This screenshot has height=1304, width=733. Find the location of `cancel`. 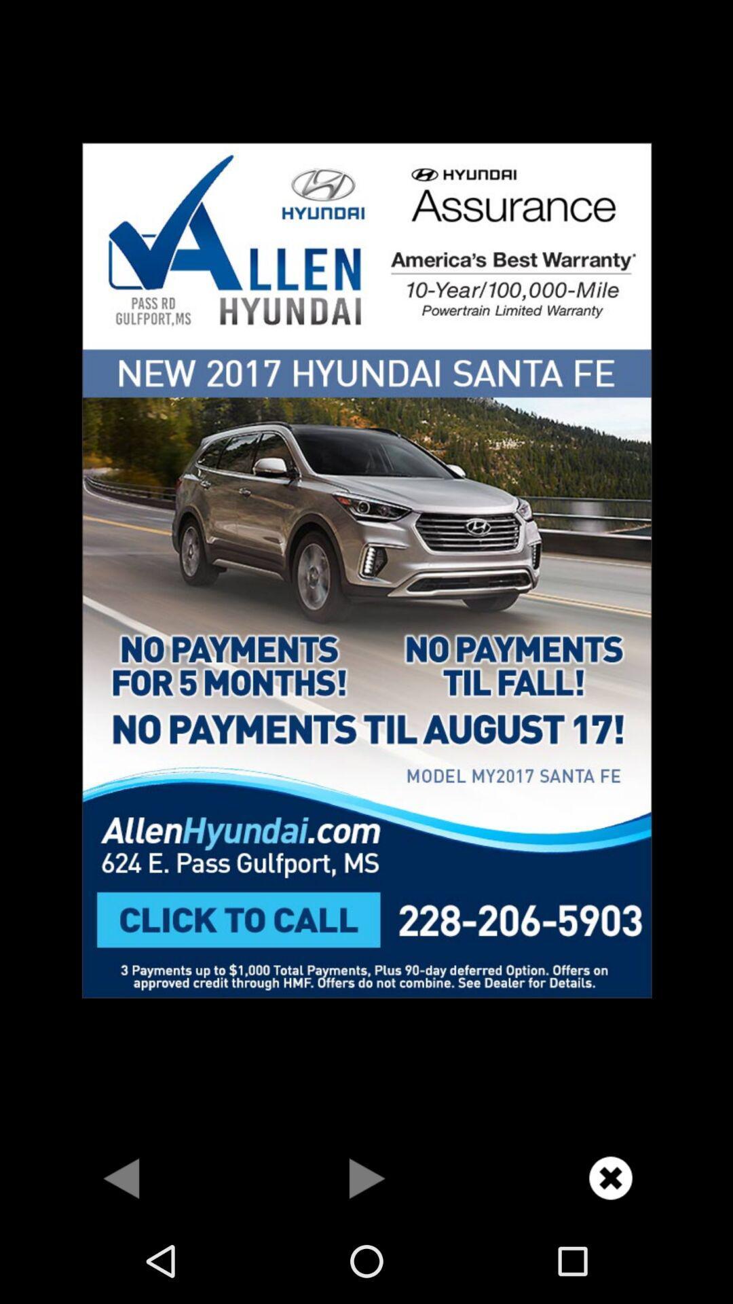

cancel is located at coordinates (609, 1177).